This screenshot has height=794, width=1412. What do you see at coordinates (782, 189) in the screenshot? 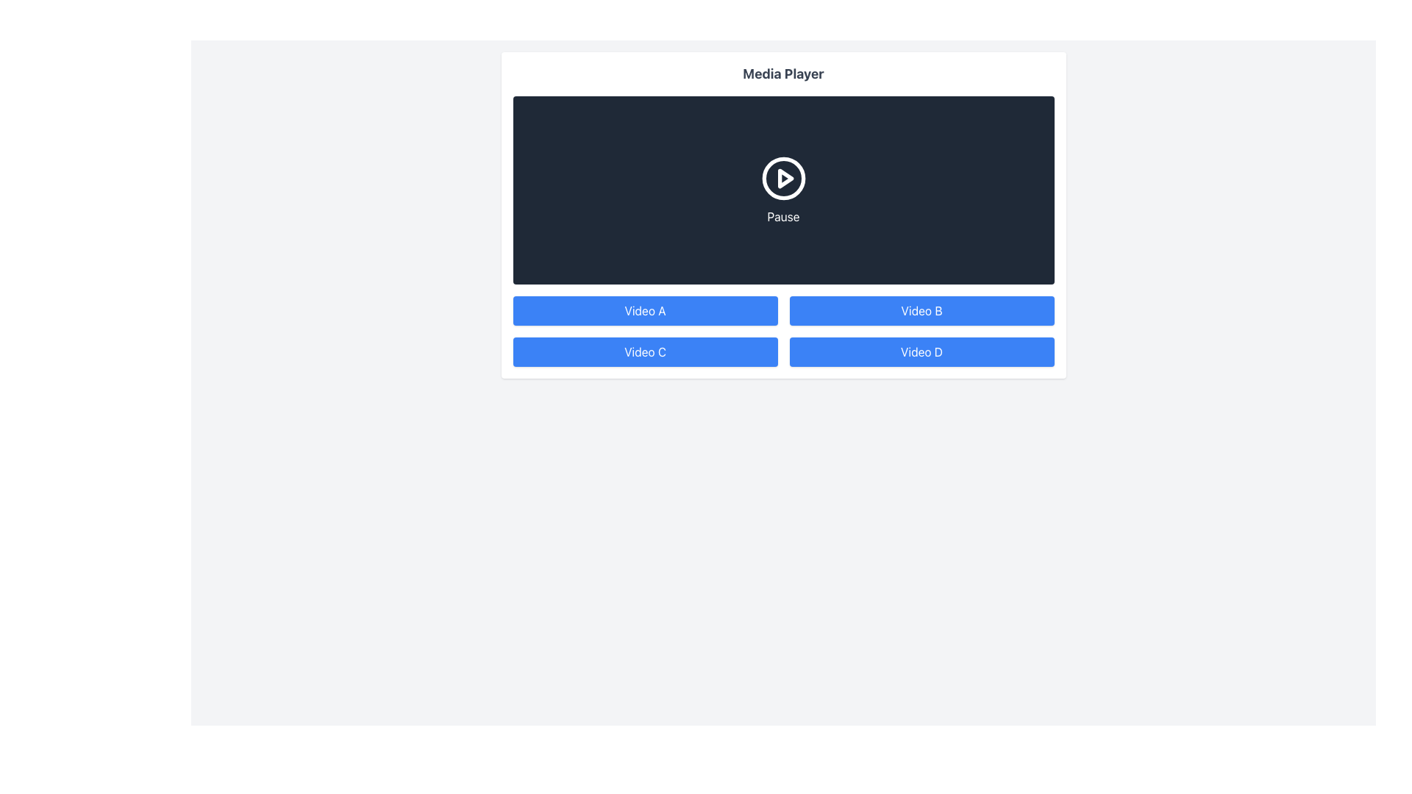
I see `the interactive button or media display area located centrally beneath the 'Media Player' title and above the blue buttons labeled 'Video A', 'Video B', 'Video C', and 'Video D'` at bounding box center [782, 189].